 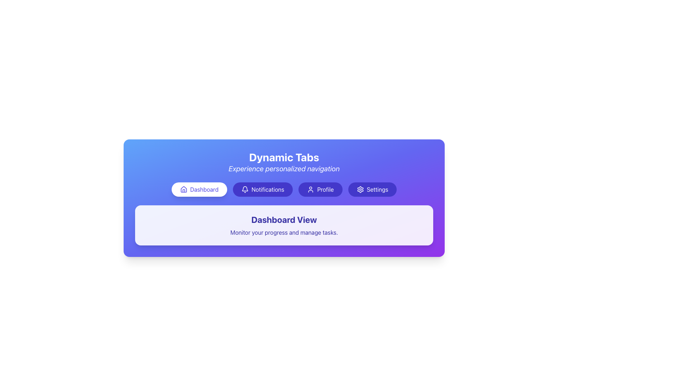 What do you see at coordinates (311, 189) in the screenshot?
I see `the Profile icon within the navigation bar` at bounding box center [311, 189].